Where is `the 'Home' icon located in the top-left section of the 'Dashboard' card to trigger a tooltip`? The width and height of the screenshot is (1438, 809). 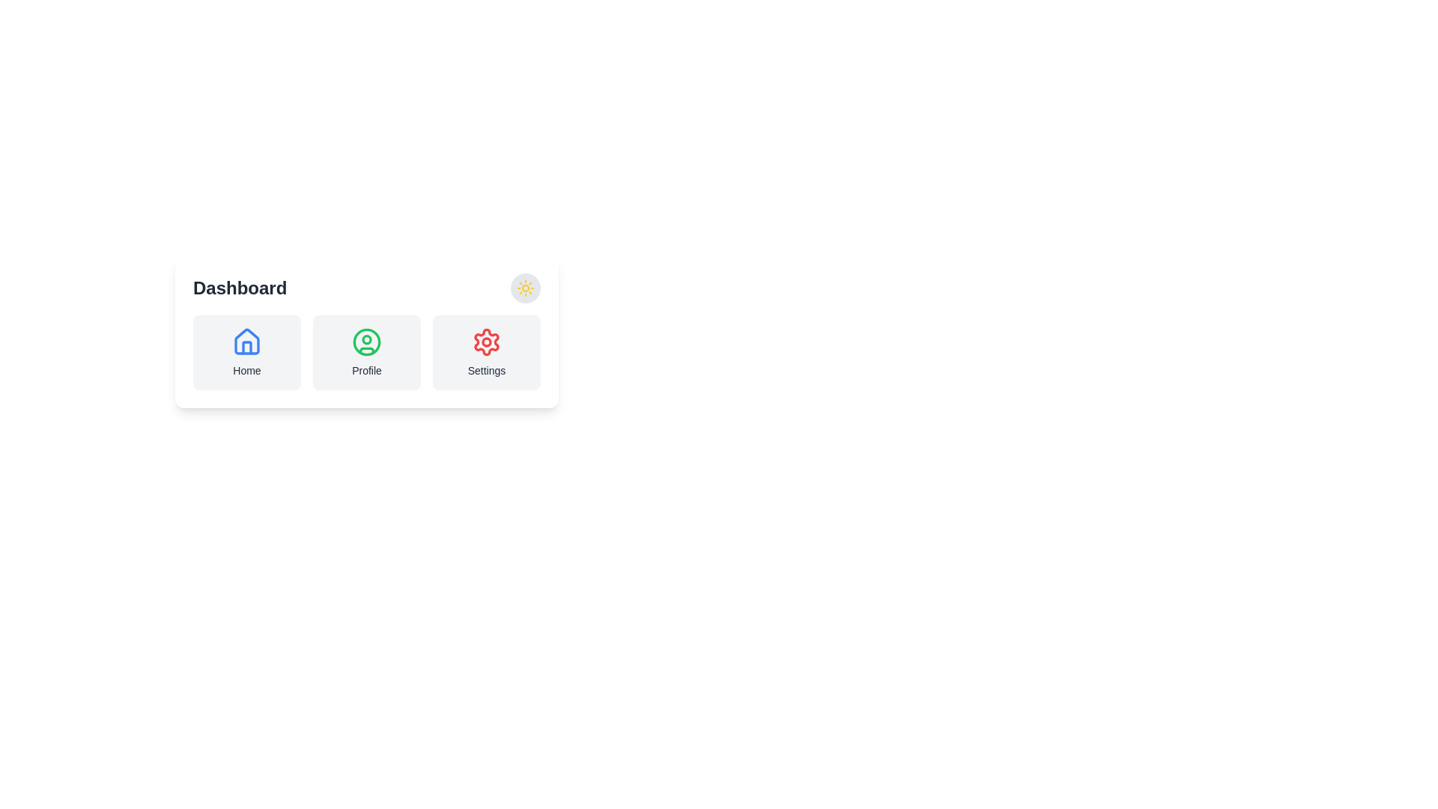 the 'Home' icon located in the top-left section of the 'Dashboard' card to trigger a tooltip is located at coordinates (247, 341).